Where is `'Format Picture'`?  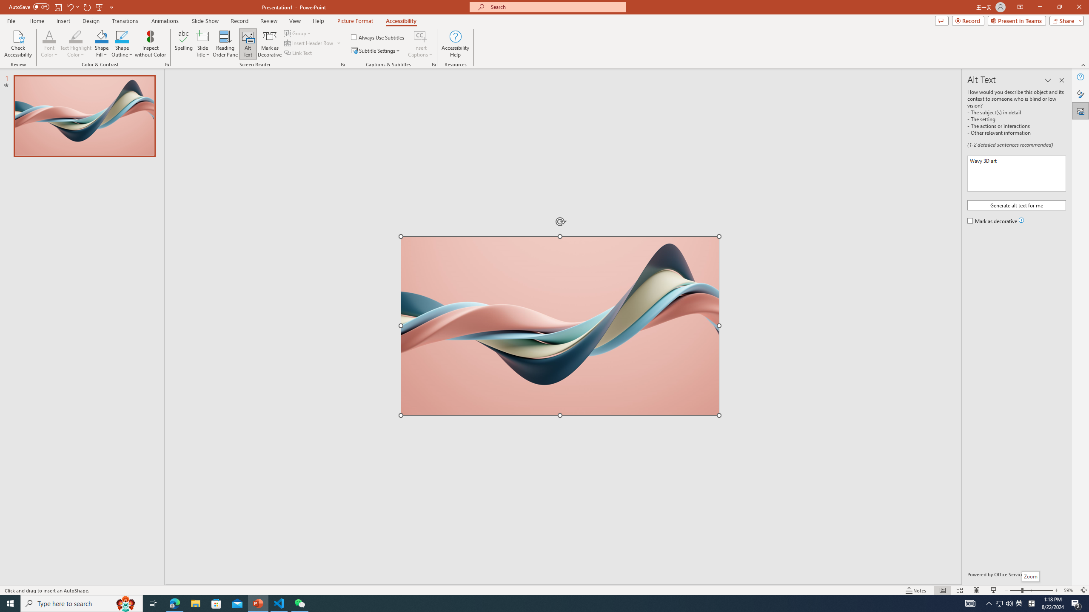
'Format Picture' is located at coordinates (1080, 94).